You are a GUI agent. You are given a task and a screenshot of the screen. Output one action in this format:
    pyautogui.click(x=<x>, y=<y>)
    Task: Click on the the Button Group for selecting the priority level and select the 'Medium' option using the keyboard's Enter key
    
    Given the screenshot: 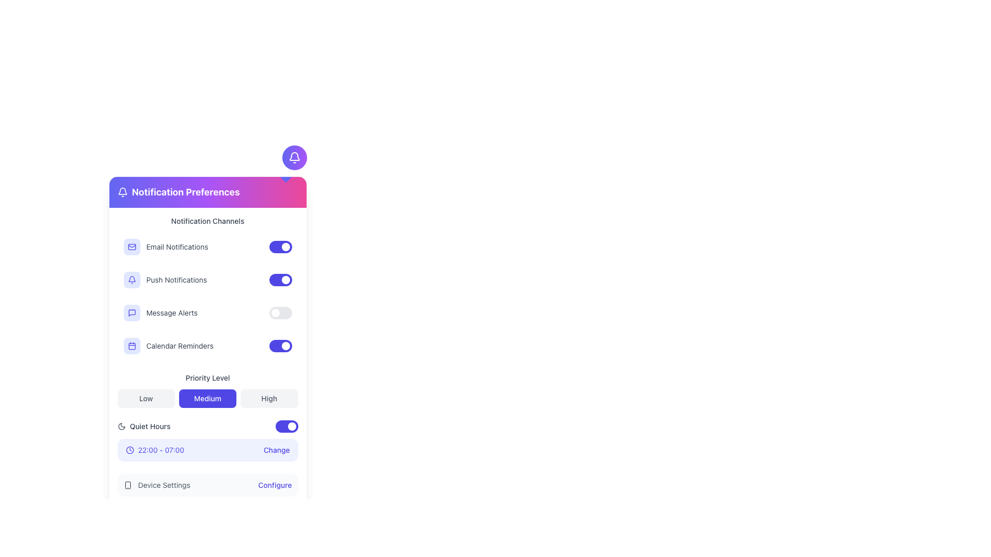 What is the action you would take?
    pyautogui.click(x=207, y=398)
    